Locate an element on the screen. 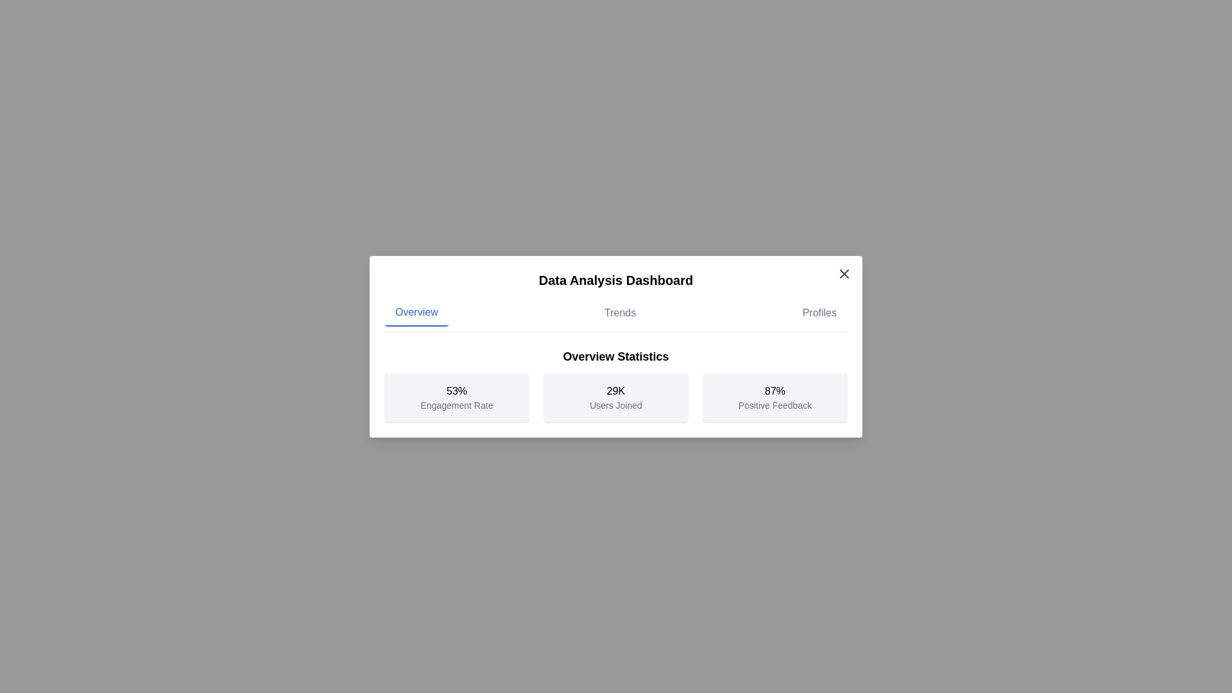 Image resolution: width=1232 pixels, height=693 pixels. the third tab in the navigation bar, which serves as a button to navigate to the 'Profiles' section of the application is located at coordinates (819, 312).